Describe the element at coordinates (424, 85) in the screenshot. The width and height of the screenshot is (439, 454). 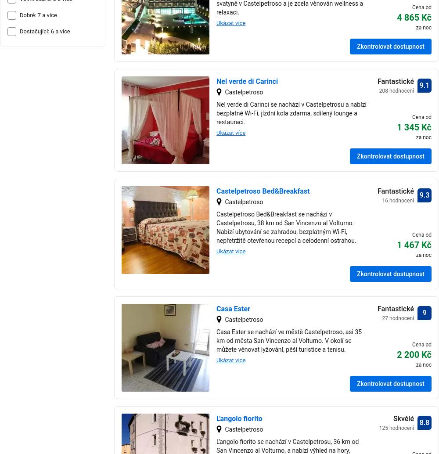
I see `'9.1'` at that location.